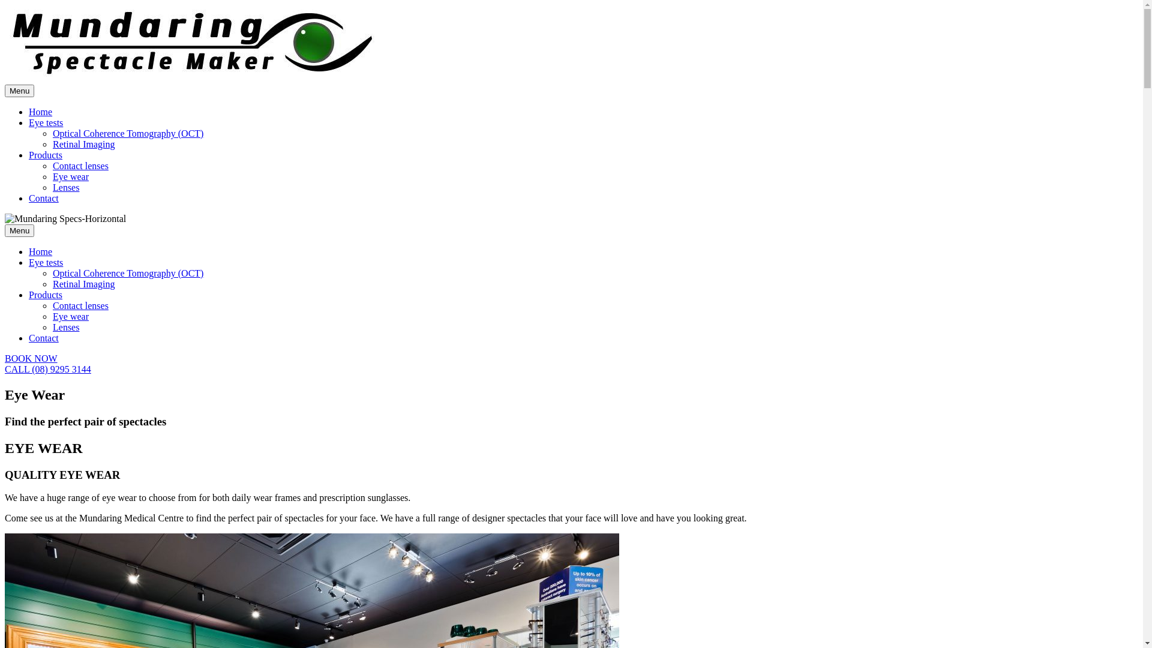  What do you see at coordinates (5, 219) in the screenshot?
I see `'Mundaring Specs-Horizontal'` at bounding box center [5, 219].